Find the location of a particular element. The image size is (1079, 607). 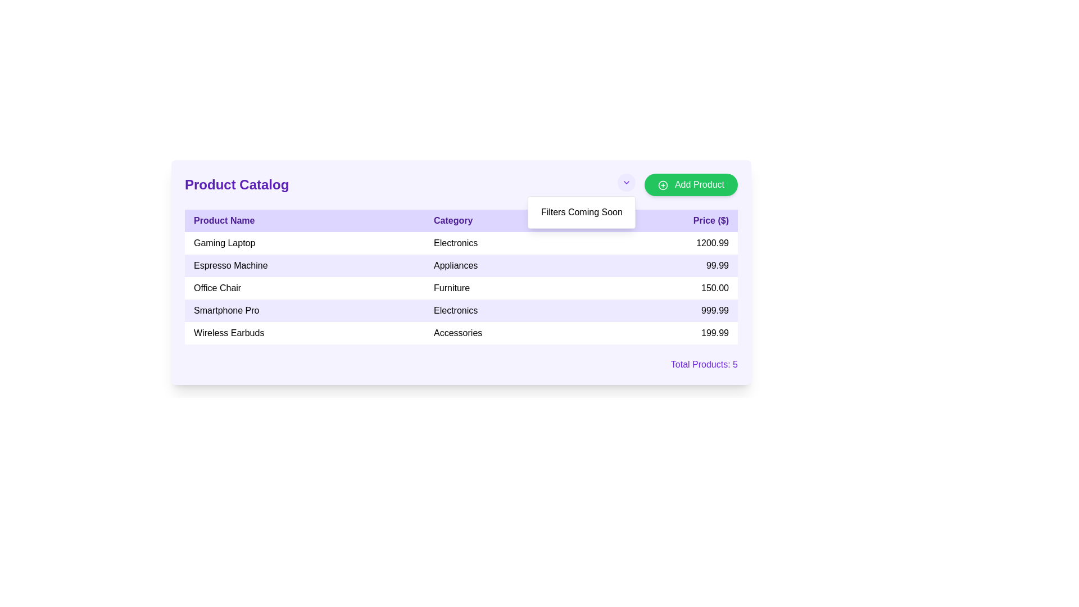

information from the fifth table row that contains product details including name, category, and price, located at the bottom of the table is located at coordinates (461, 333).